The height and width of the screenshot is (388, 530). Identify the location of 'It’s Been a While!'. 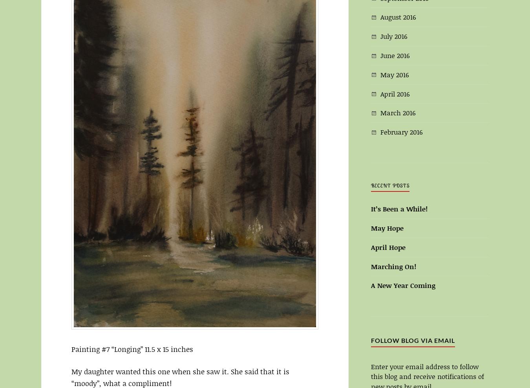
(370, 208).